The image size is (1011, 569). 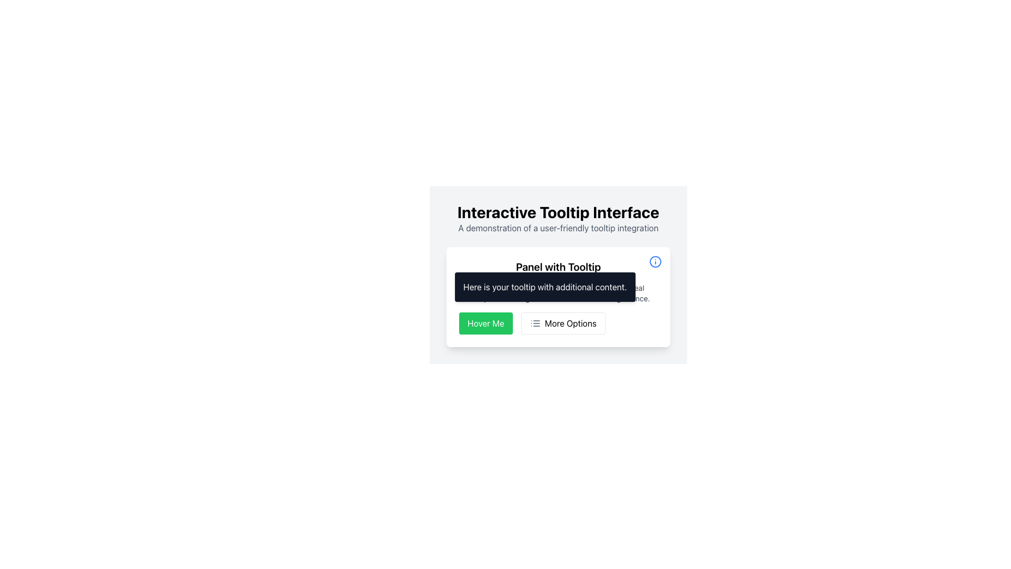 What do you see at coordinates (655, 261) in the screenshot?
I see `the outer circular boundary of the tooltip icon, which has a blue border and no fill, representing the circular graphic element of the SVG icon` at bounding box center [655, 261].